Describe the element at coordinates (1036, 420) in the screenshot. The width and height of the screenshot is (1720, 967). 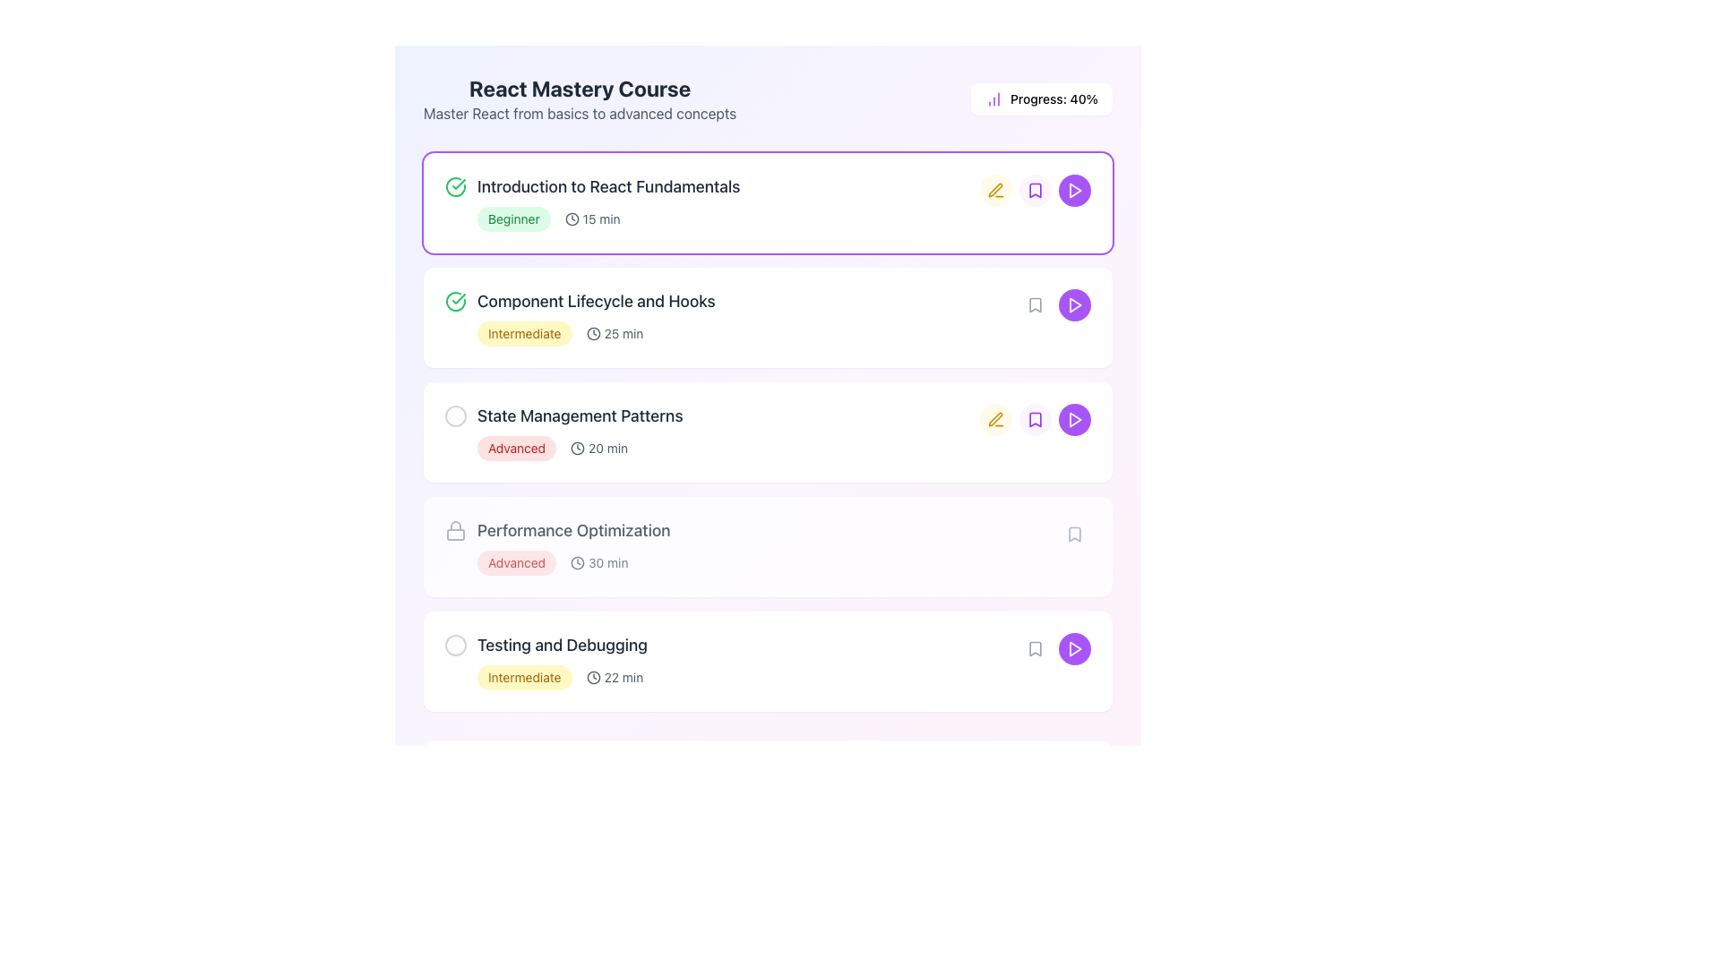
I see `the circular purple button with a white bookmark icon, which is the second button from the right in a horizontal group of three buttons located to the right of the 'State Management Patterns' title` at that location.